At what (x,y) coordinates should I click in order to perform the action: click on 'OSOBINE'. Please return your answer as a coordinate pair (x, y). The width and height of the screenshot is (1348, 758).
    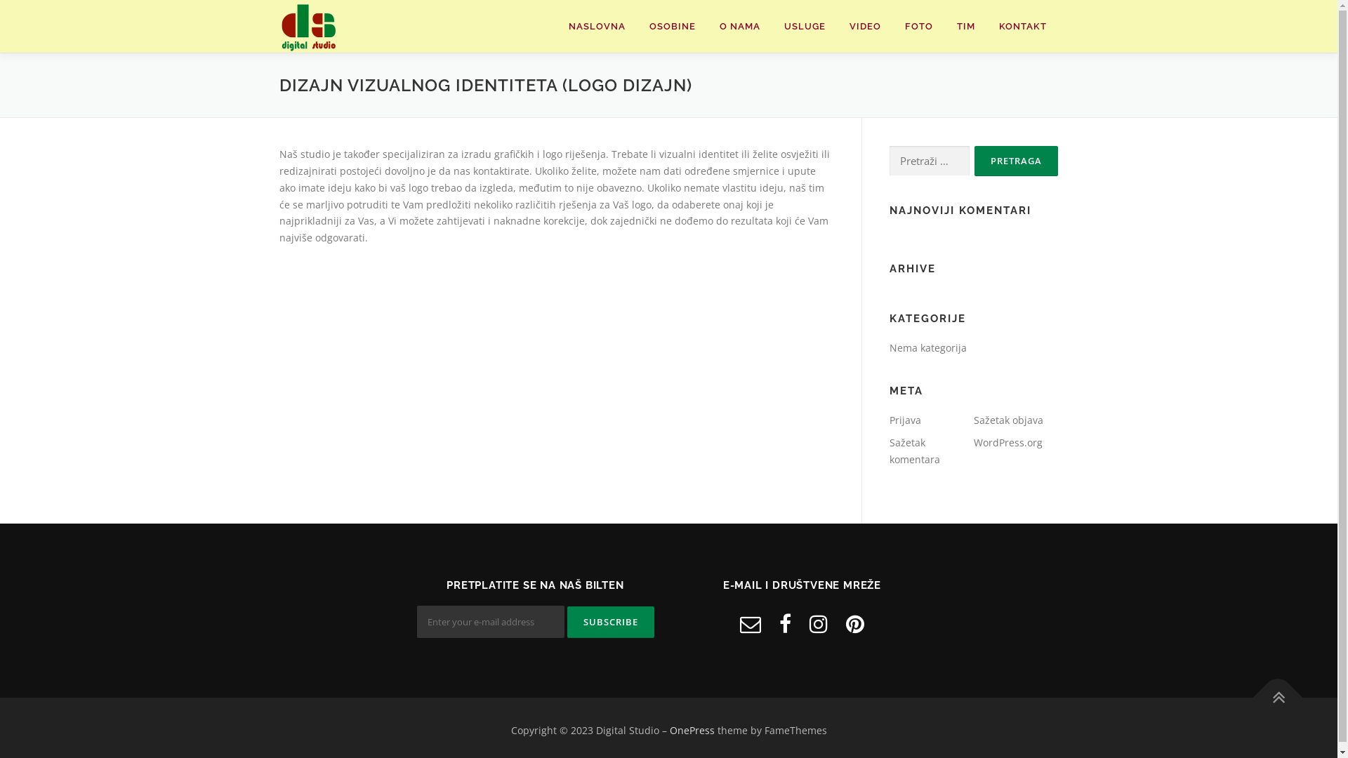
    Looking at the image, I should click on (672, 26).